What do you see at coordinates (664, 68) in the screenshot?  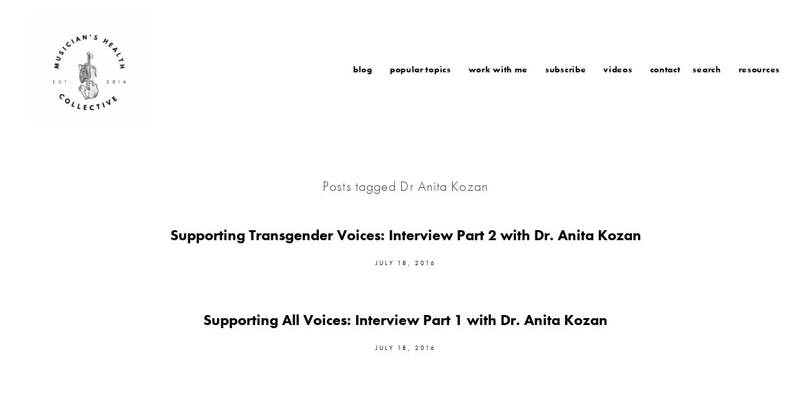 I see `'Contact'` at bounding box center [664, 68].